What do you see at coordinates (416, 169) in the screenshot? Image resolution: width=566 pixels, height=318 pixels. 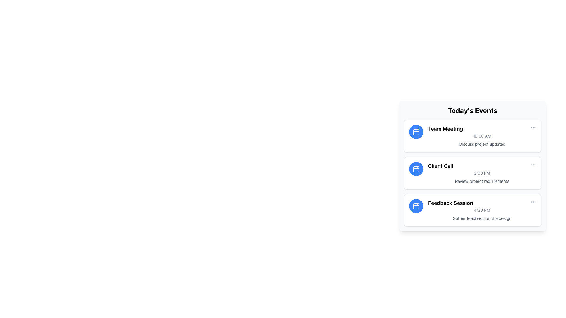 I see `the calendar icon representing the 'Client Call' event, which is located between the 'Team Meeting' and 'Feedback Session' in the vertical list of events` at bounding box center [416, 169].